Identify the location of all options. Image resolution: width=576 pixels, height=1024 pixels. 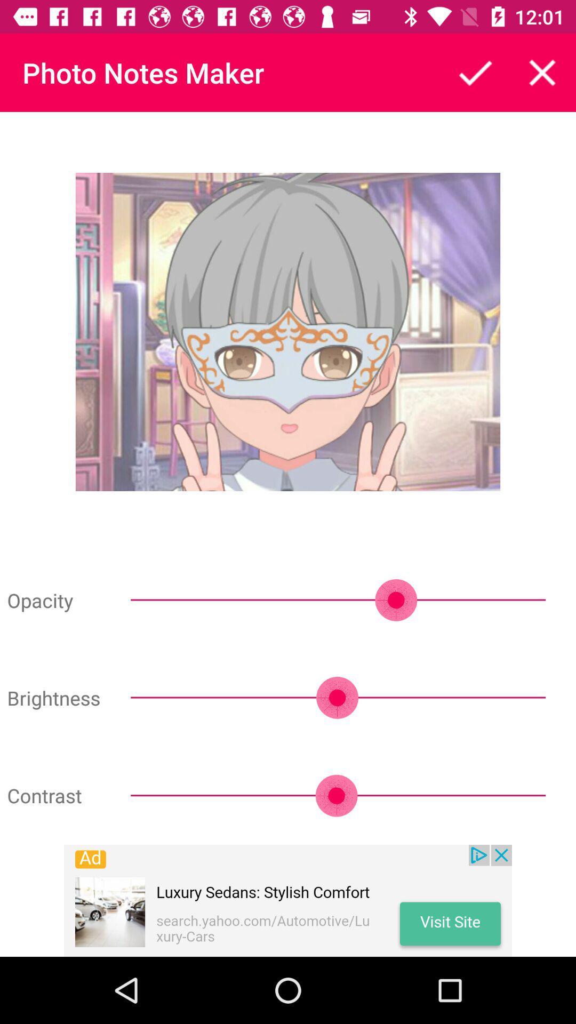
(475, 72).